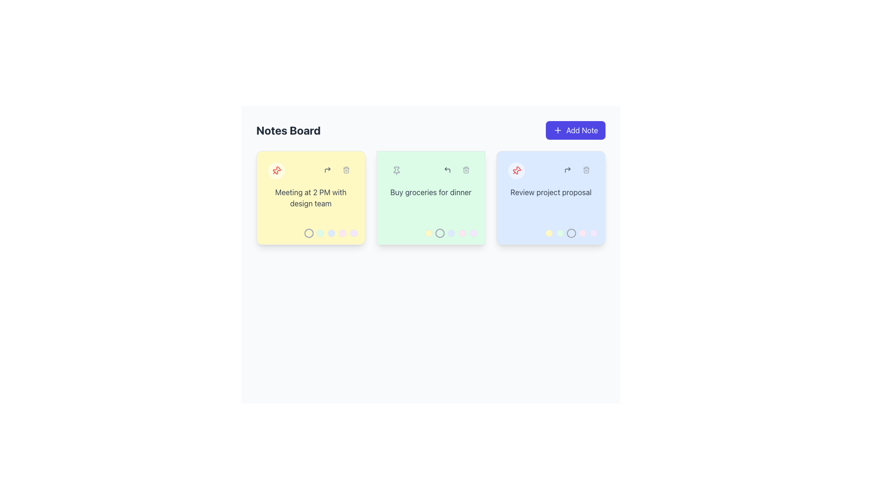 This screenshot has width=895, height=503. I want to click on the pin icon located in the top-left corner of the yellow note card titled 'Meeting at 2 PM with design team' to pin the note for easy access, so click(276, 170).